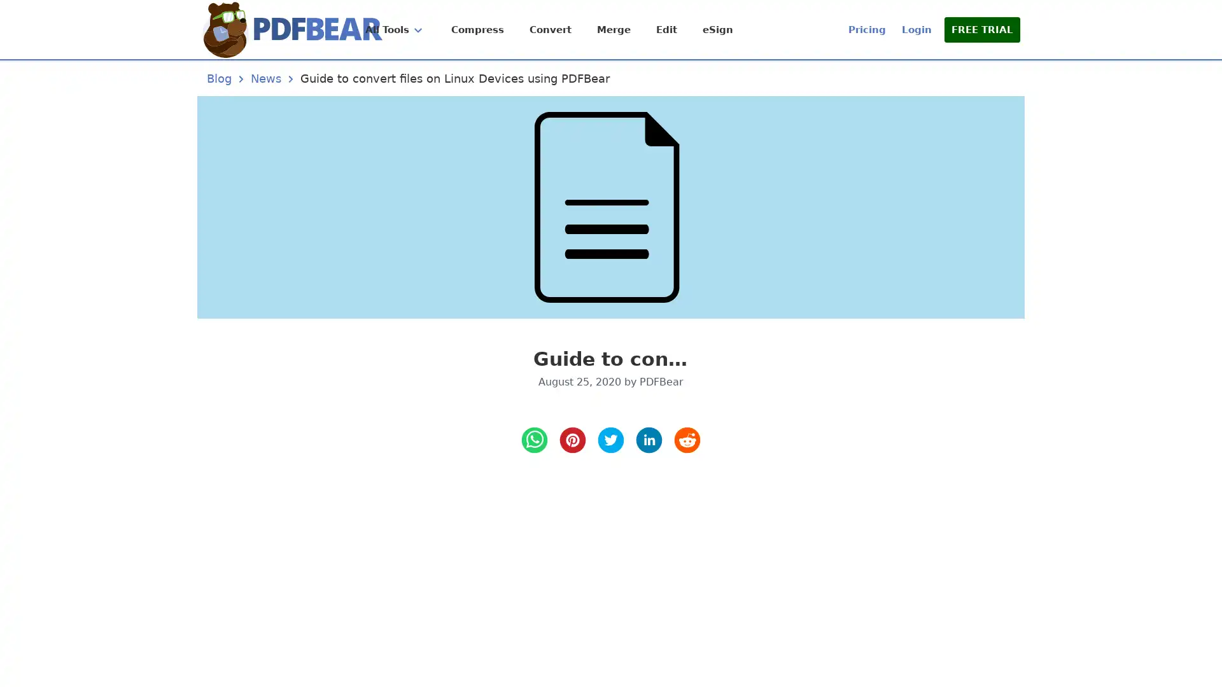  What do you see at coordinates (219, 78) in the screenshot?
I see `Blog` at bounding box center [219, 78].